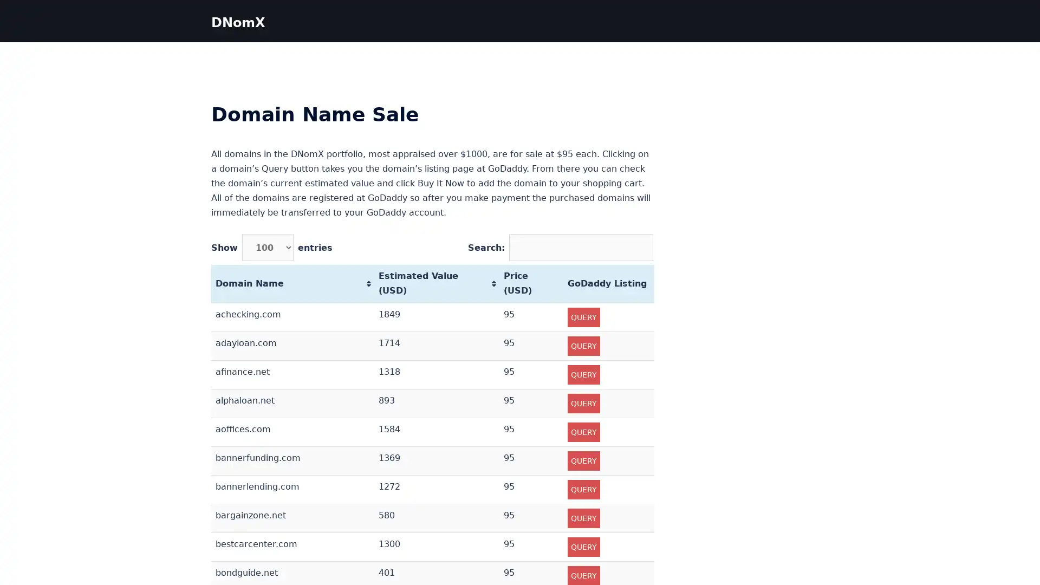 This screenshot has width=1040, height=585. I want to click on QUERY, so click(582, 547).